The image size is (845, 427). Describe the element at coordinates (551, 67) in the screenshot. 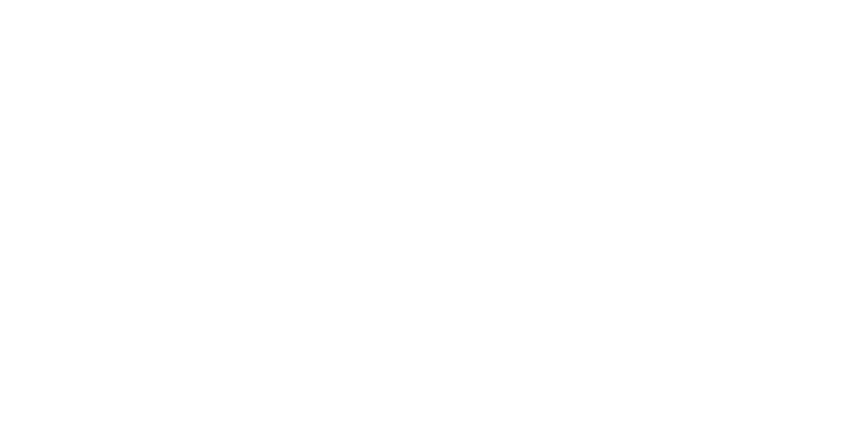

I see `'May 2016'` at that location.